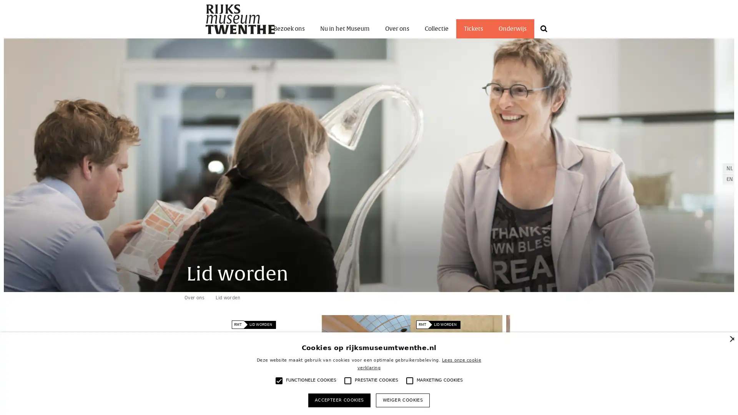  Describe the element at coordinates (339, 400) in the screenshot. I see `ACCEPTEER COOKIES` at that location.